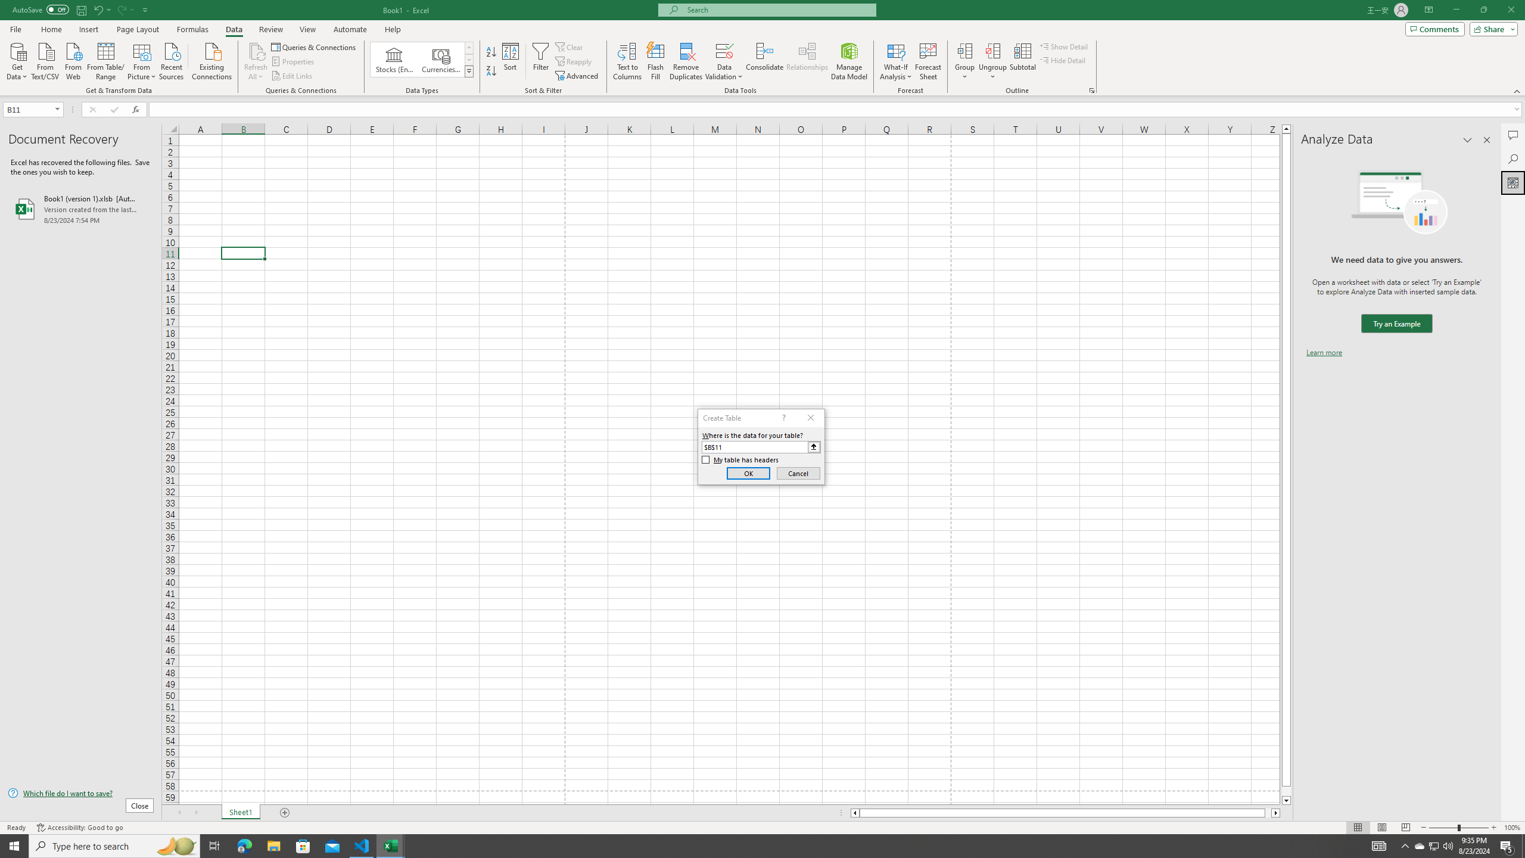  Describe the element at coordinates (655, 61) in the screenshot. I see `'Flash Fill'` at that location.